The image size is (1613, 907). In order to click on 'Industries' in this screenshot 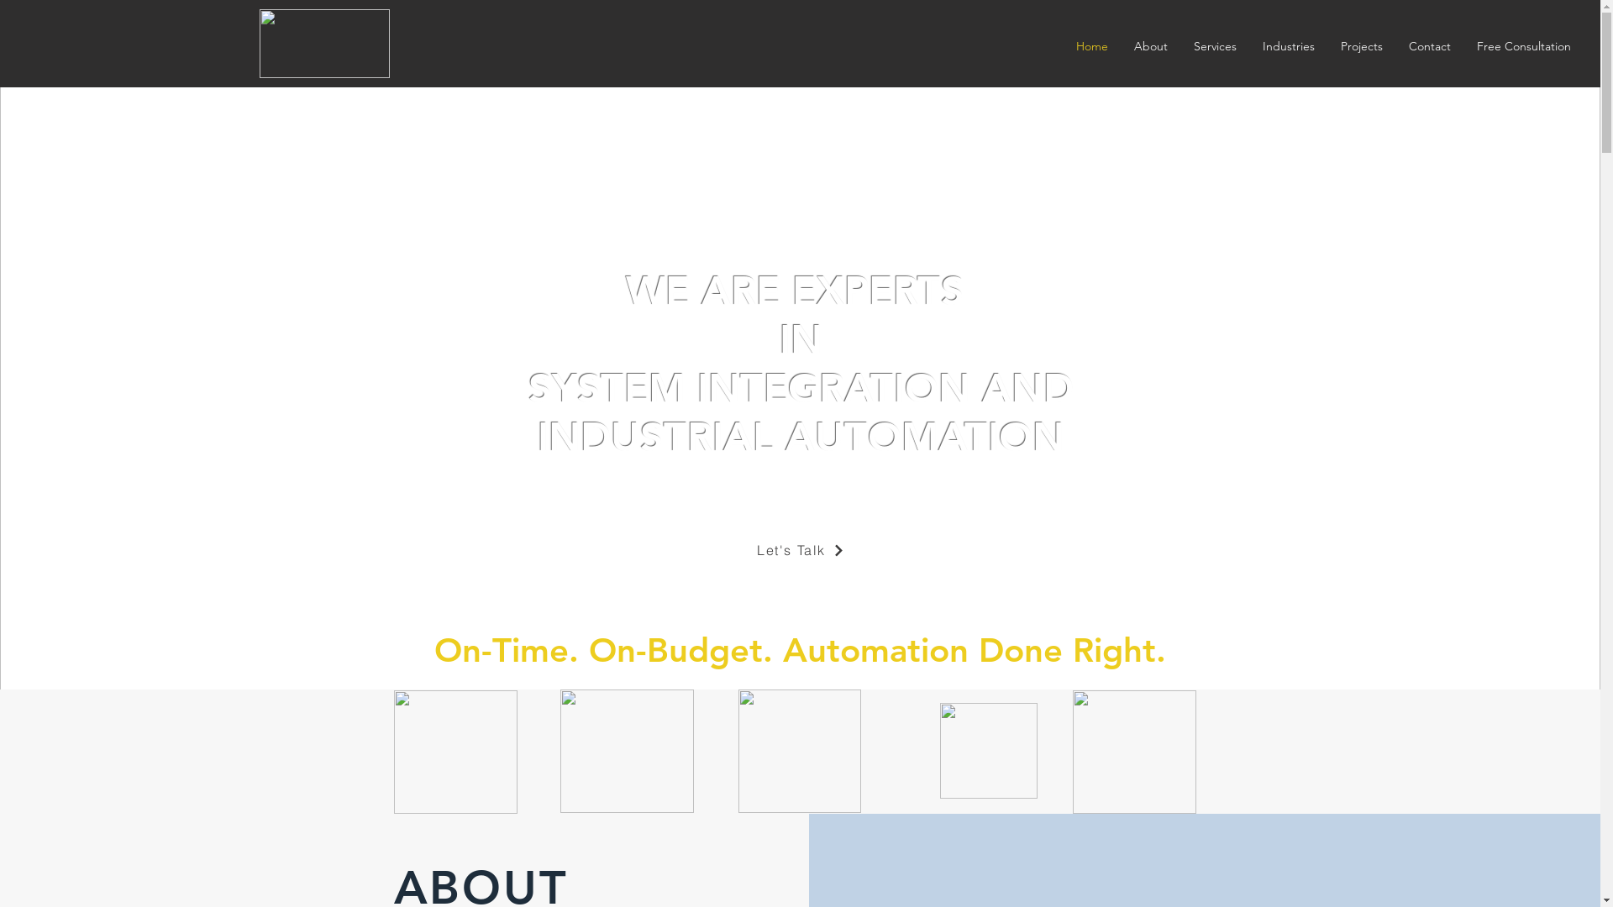, I will do `click(1287, 45)`.